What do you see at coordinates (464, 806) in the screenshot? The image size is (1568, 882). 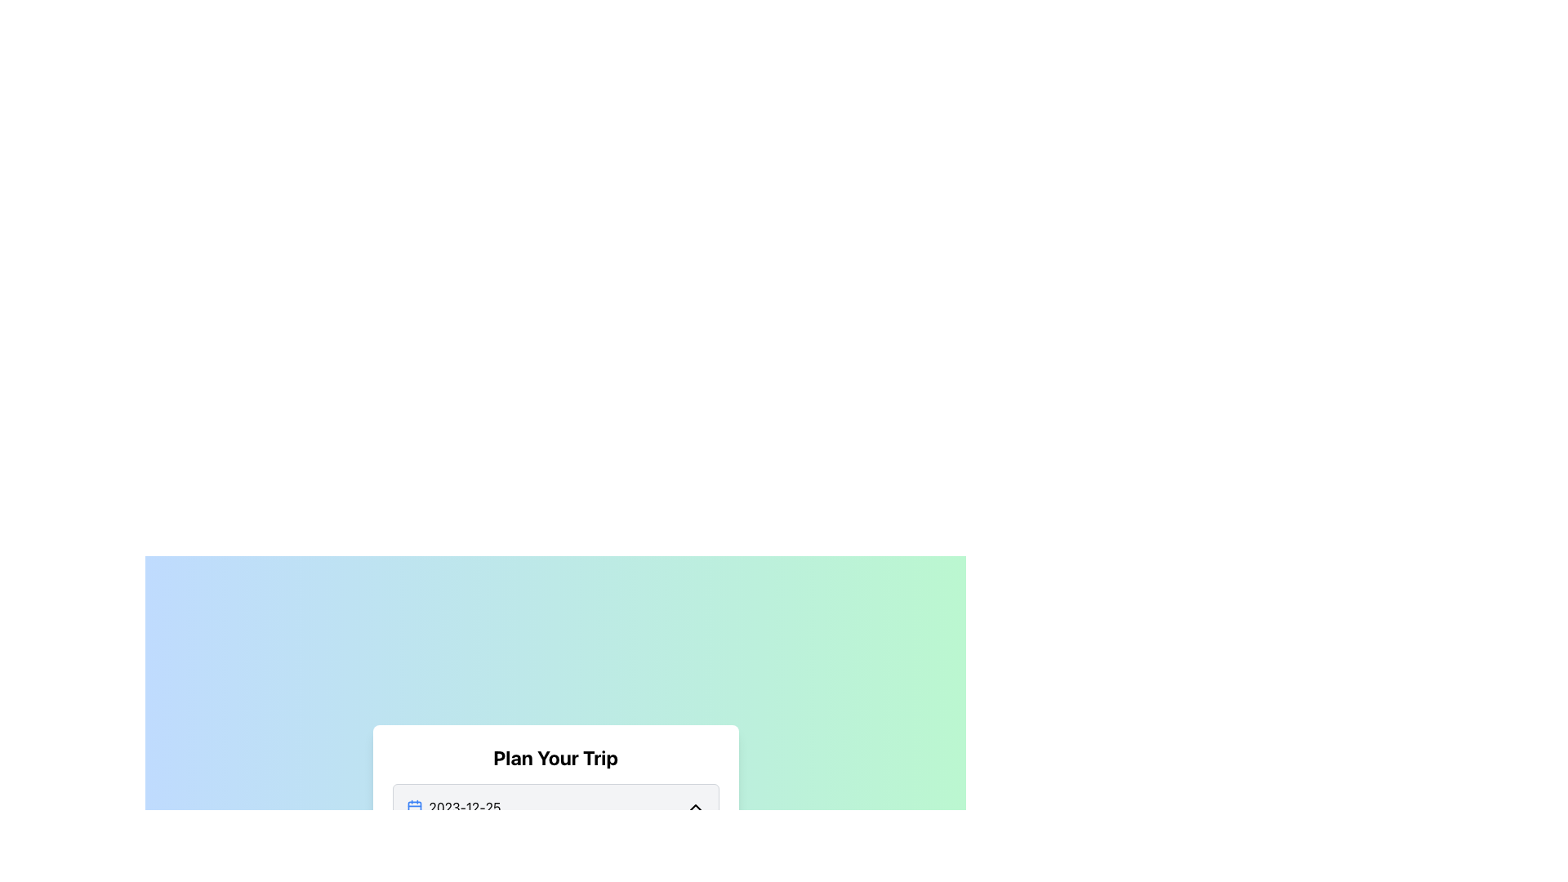 I see `the static text element that displays the selected or default date in 'YYYY-MM-DD' format within the date picker interface, located to the right of a small blue calendar icon` at bounding box center [464, 806].